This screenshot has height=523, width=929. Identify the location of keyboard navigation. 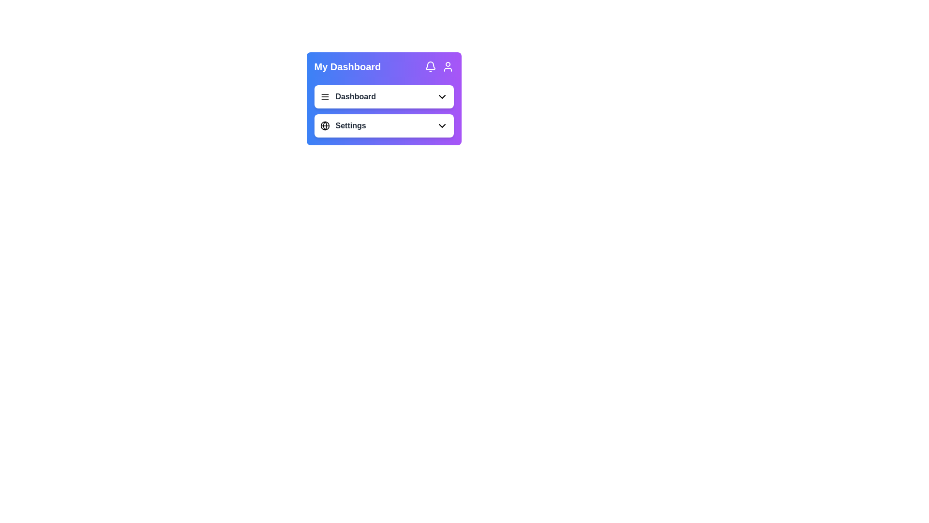
(383, 125).